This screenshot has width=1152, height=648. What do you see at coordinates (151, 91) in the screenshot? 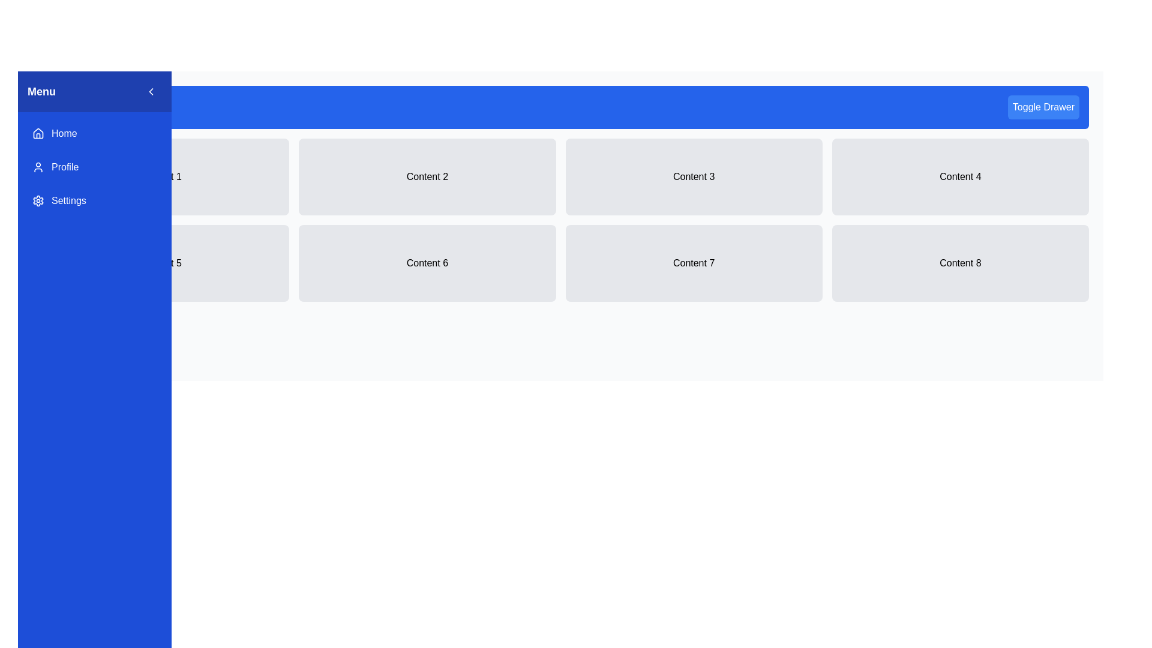
I see `the left-pointing chevron icon located in the navigation menu, near the top left corner` at bounding box center [151, 91].